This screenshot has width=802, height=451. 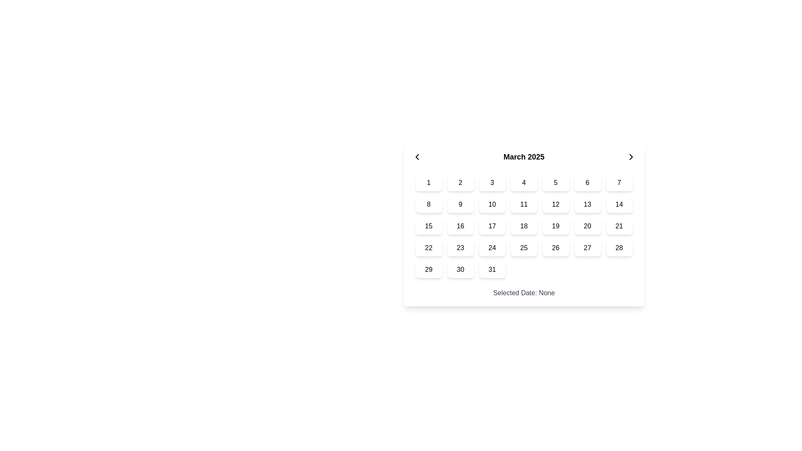 What do you see at coordinates (417, 157) in the screenshot?
I see `the Chevron Left icon, which is a small leftward-pointing arrow located near the top left area of the user interface, adjacent to the 'March 2025' text in the calendar UI` at bounding box center [417, 157].